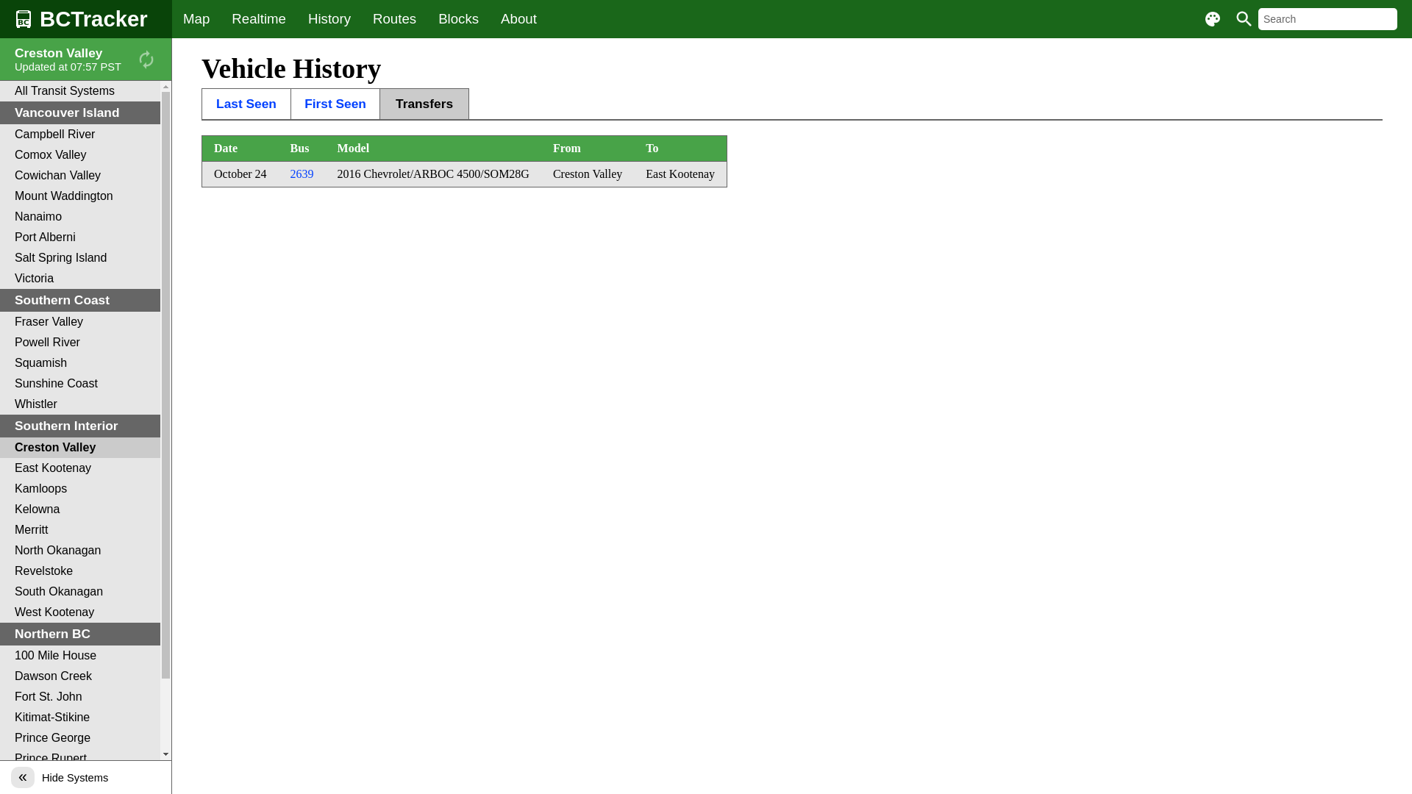 The height and width of the screenshot is (794, 1412). I want to click on 'Fort St. John', so click(79, 696).